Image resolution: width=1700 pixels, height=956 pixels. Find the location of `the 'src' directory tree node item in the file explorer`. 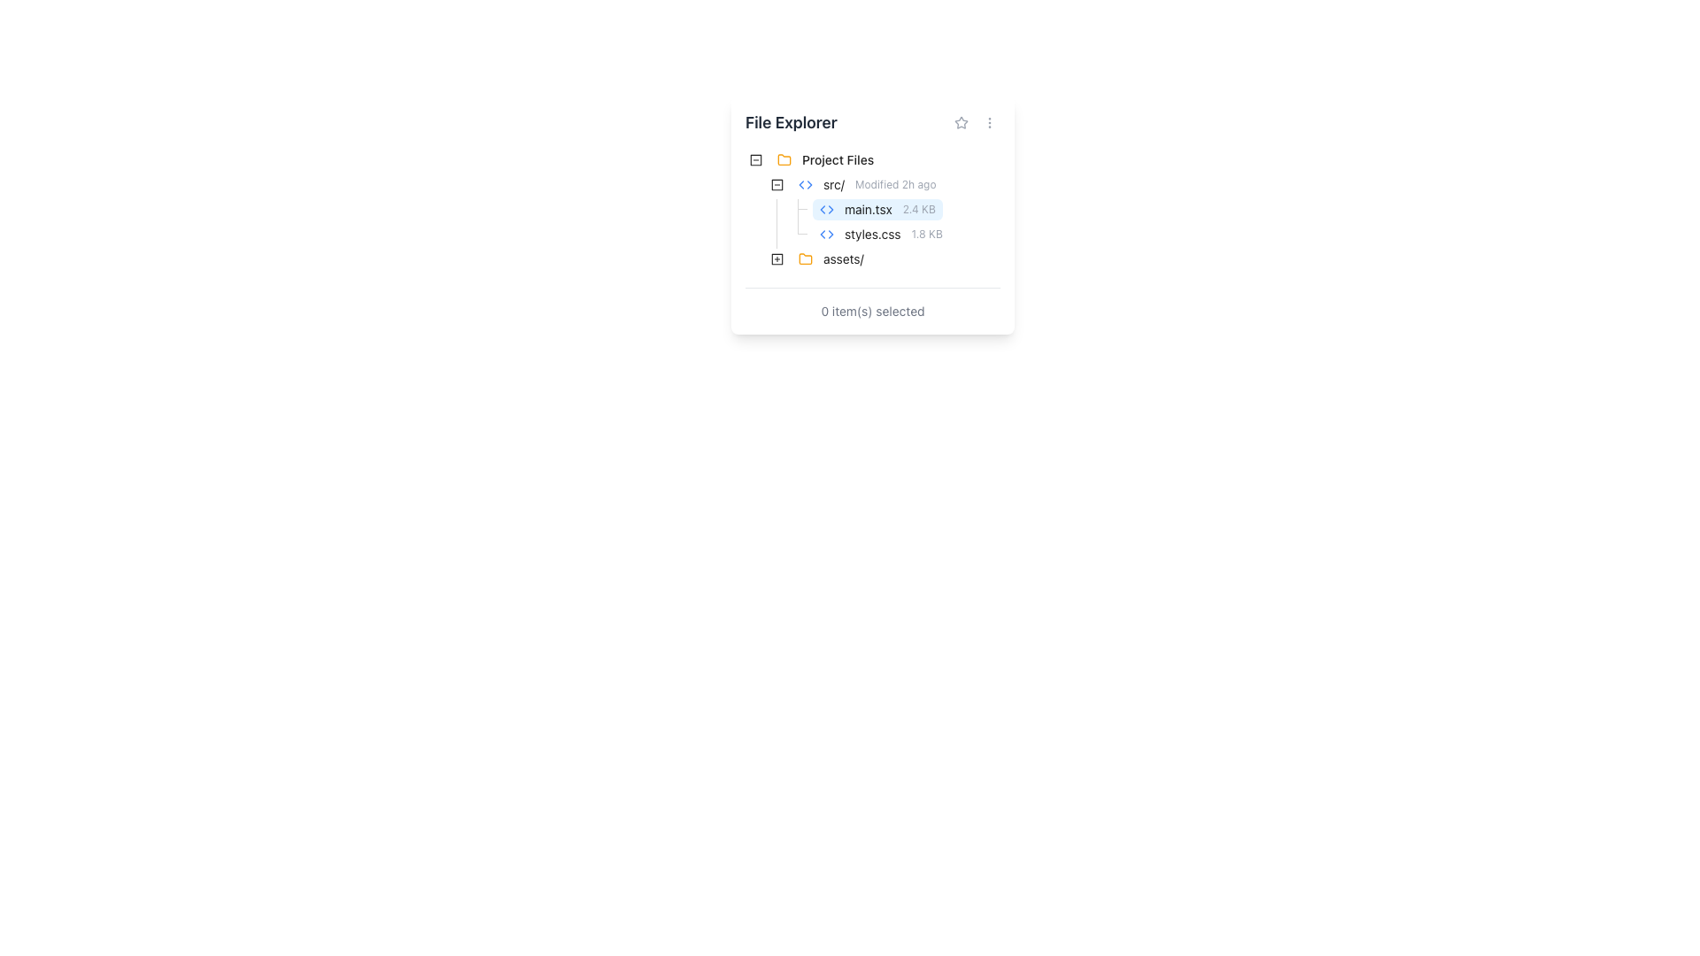

the 'src' directory tree node item in the file explorer is located at coordinates (867, 184).